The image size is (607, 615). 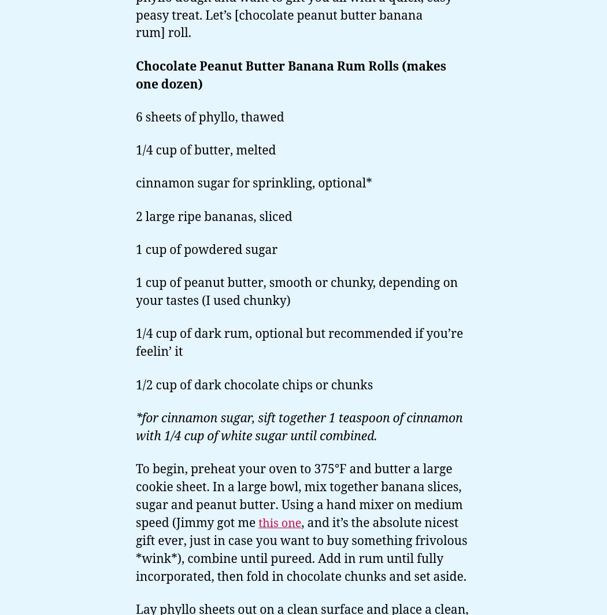 I want to click on 'Create a free website or blog at WordPress.com.', so click(x=247, y=492).